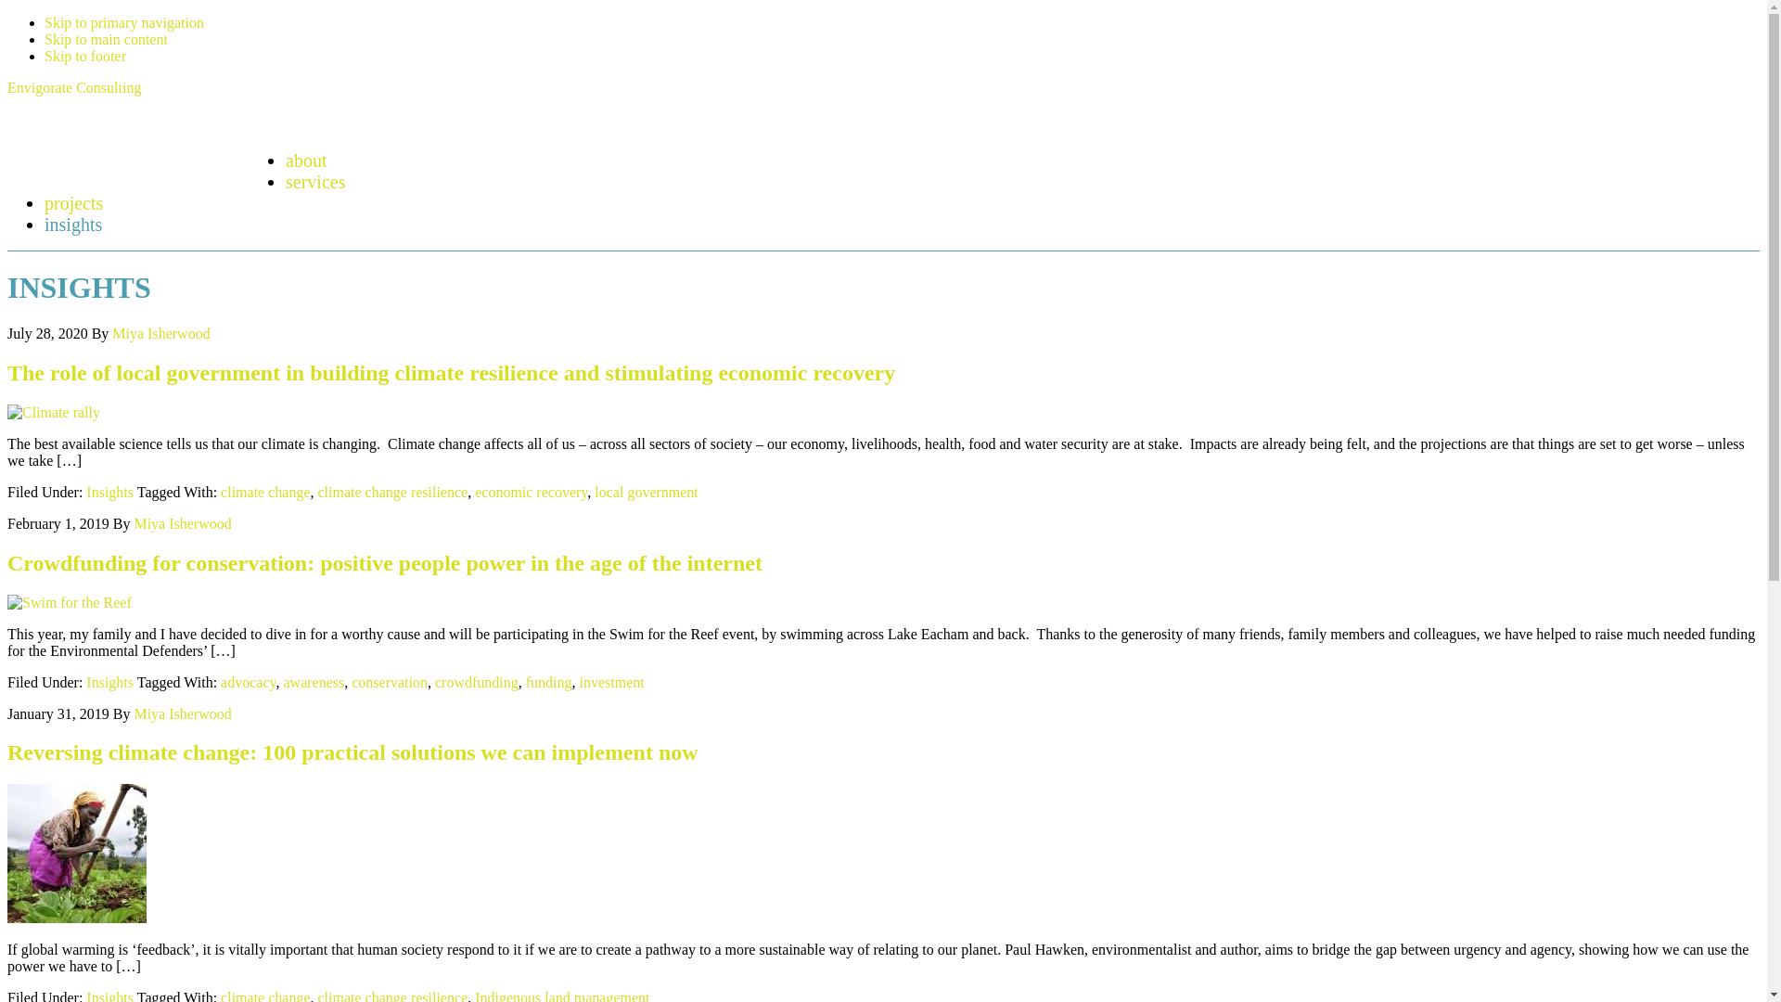 The width and height of the screenshot is (1781, 1002). What do you see at coordinates (73, 203) in the screenshot?
I see `'projects'` at bounding box center [73, 203].